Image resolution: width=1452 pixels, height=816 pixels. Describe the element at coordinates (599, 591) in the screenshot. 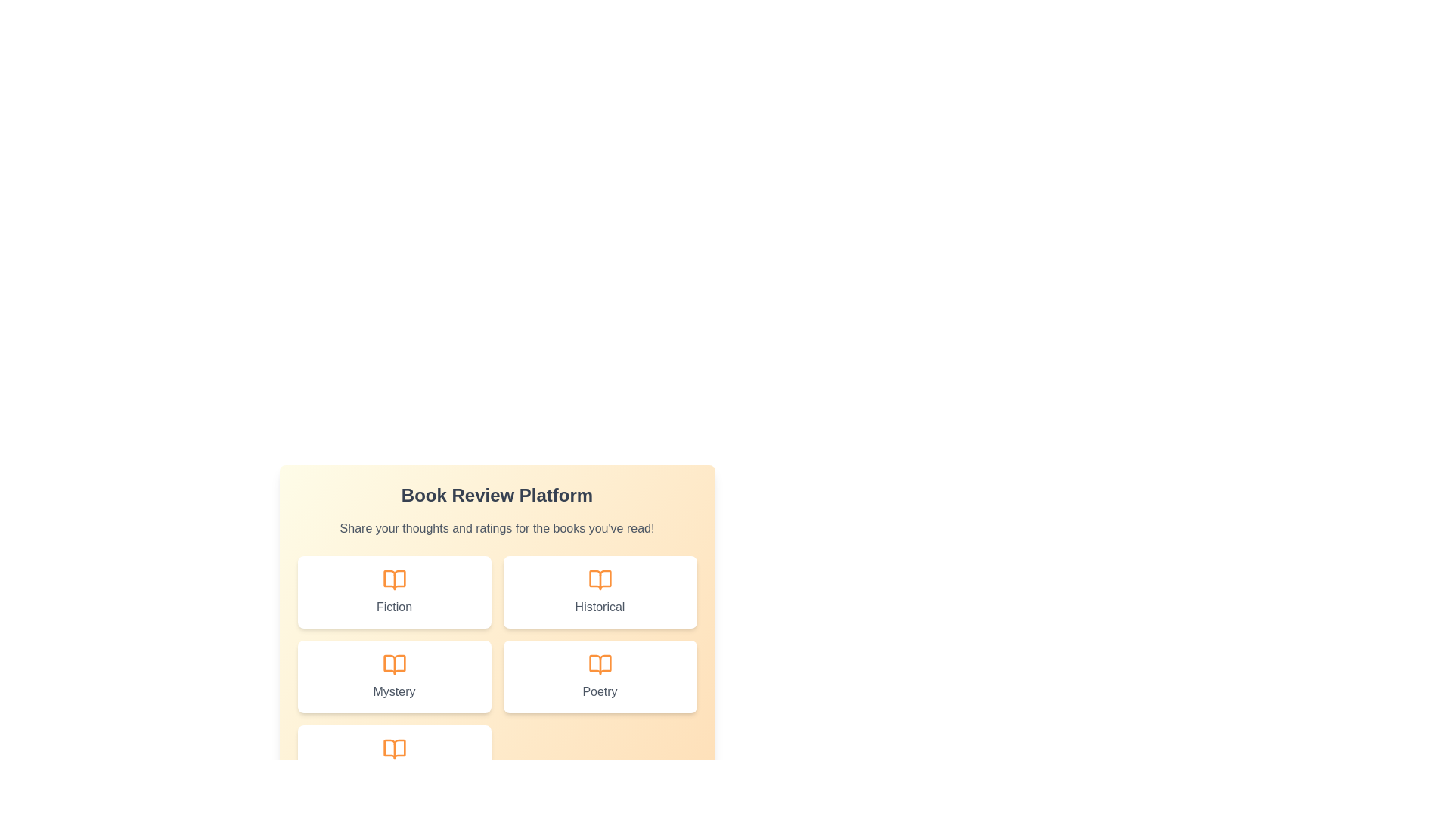

I see `the 'Historical' category button, which is the second item in the first row of the grid layout` at that location.